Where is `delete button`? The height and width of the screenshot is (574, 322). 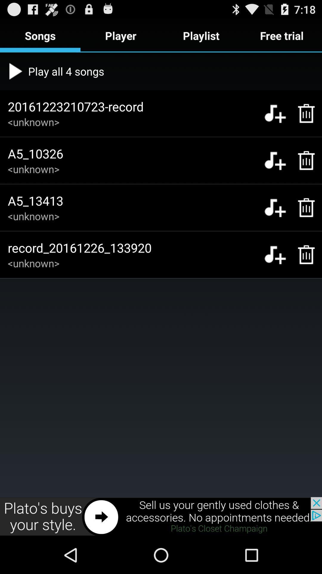 delete button is located at coordinates (303, 207).